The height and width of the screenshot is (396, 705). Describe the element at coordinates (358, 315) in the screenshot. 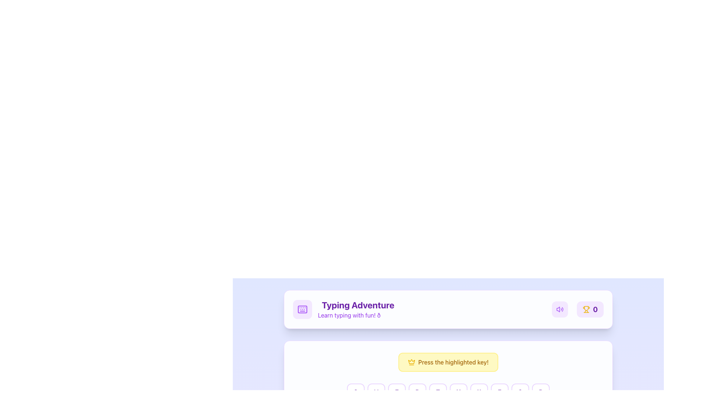

I see `the Text Label located directly below the 'Typing Adventure' heading, which serves as a motivational subtitle for the typing activity` at that location.